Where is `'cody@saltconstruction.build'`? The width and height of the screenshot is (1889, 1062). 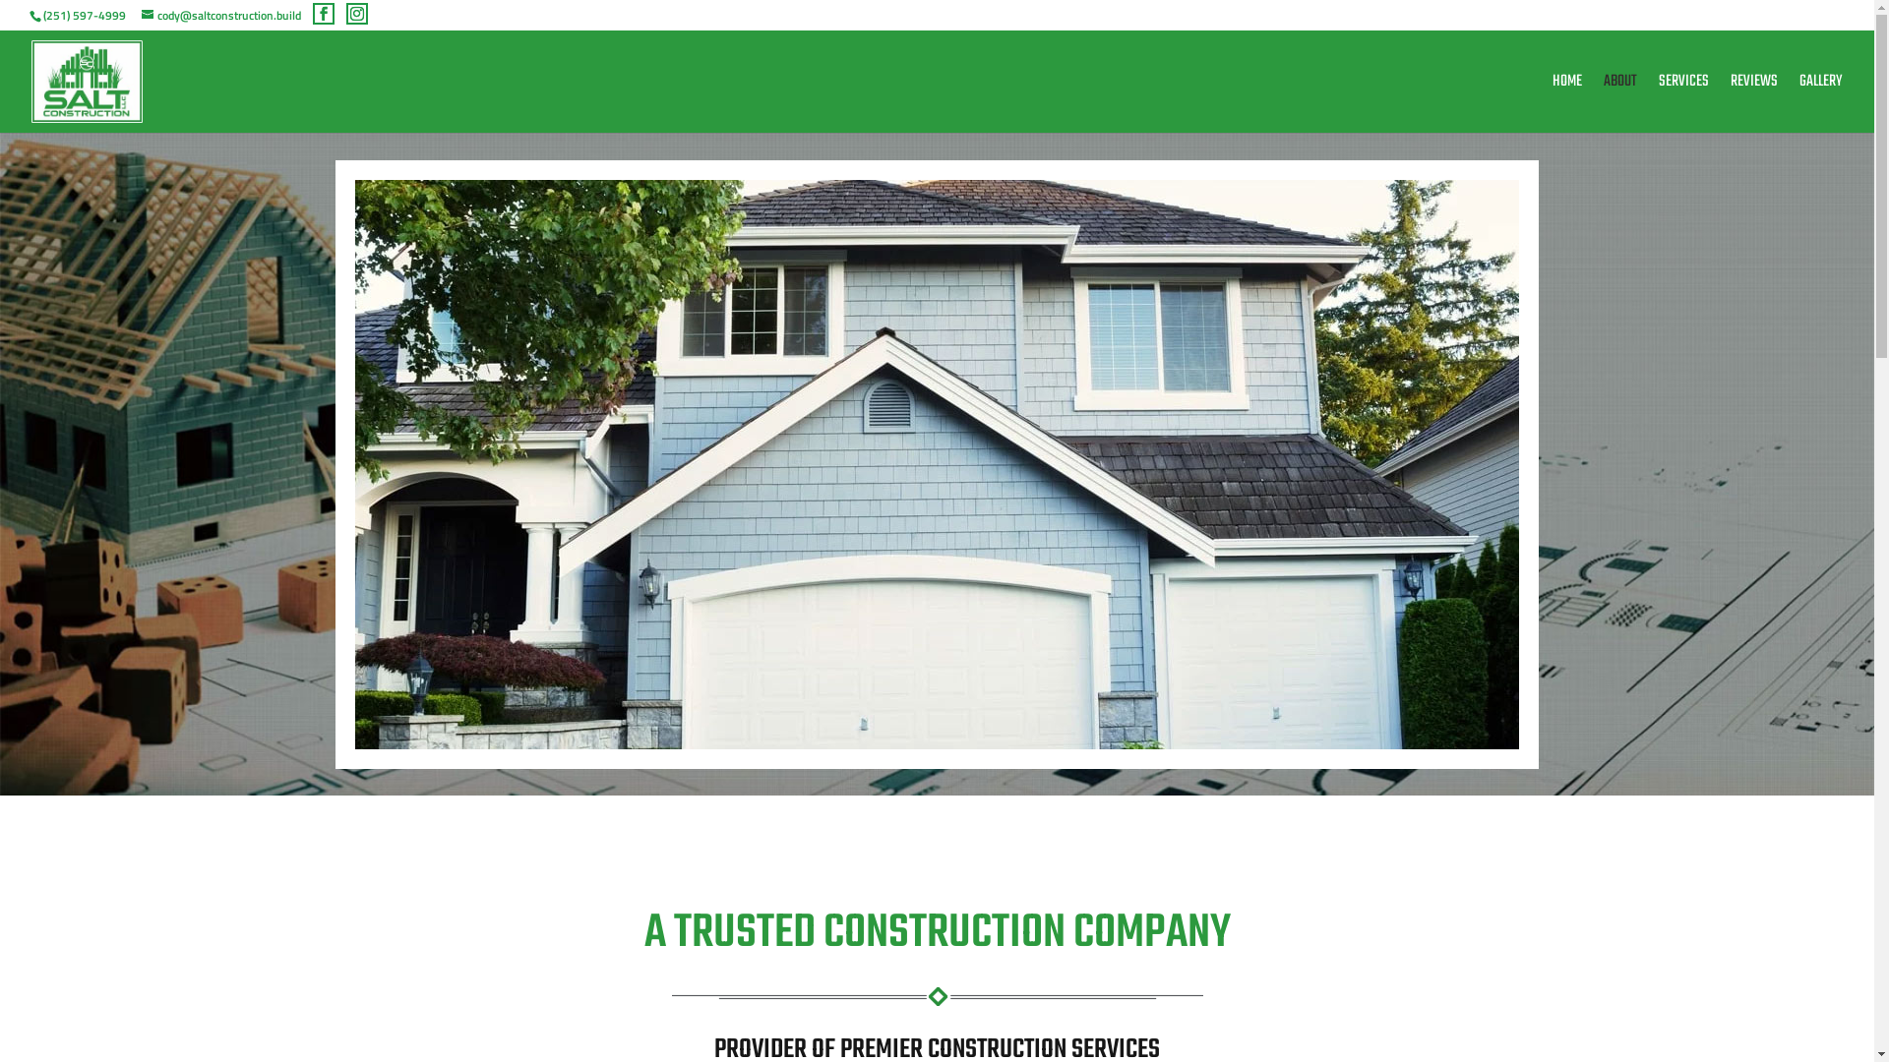
'cody@saltconstruction.build' is located at coordinates (221, 15).